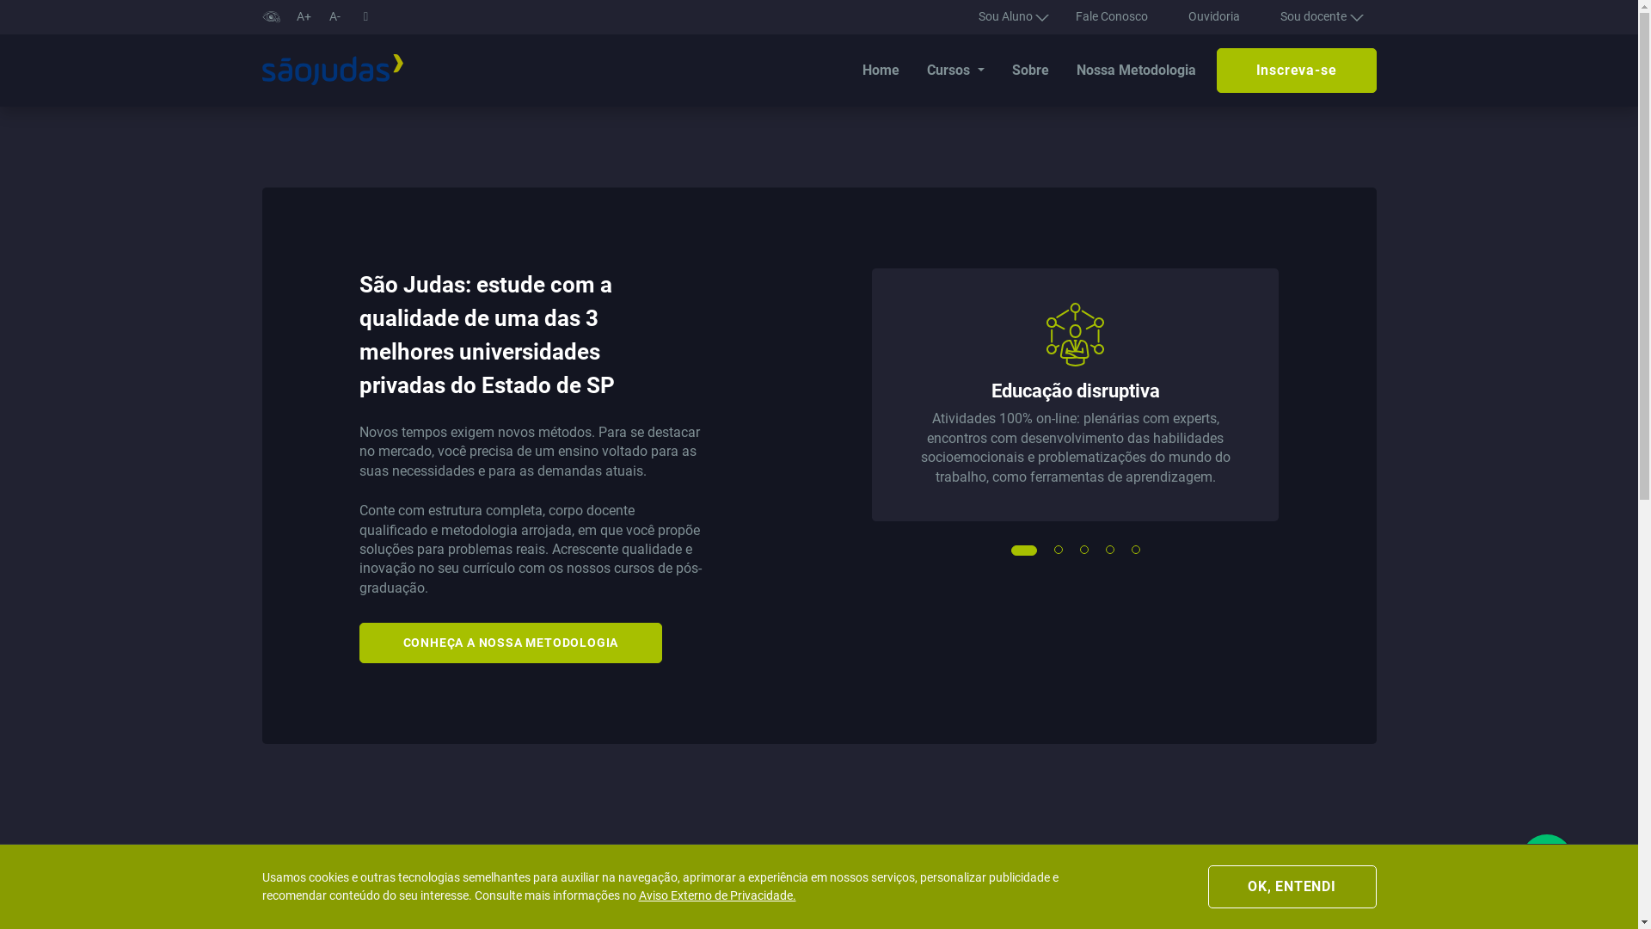 This screenshot has width=1651, height=929. I want to click on 'Aviso Externo de Privacidade.', so click(716, 895).